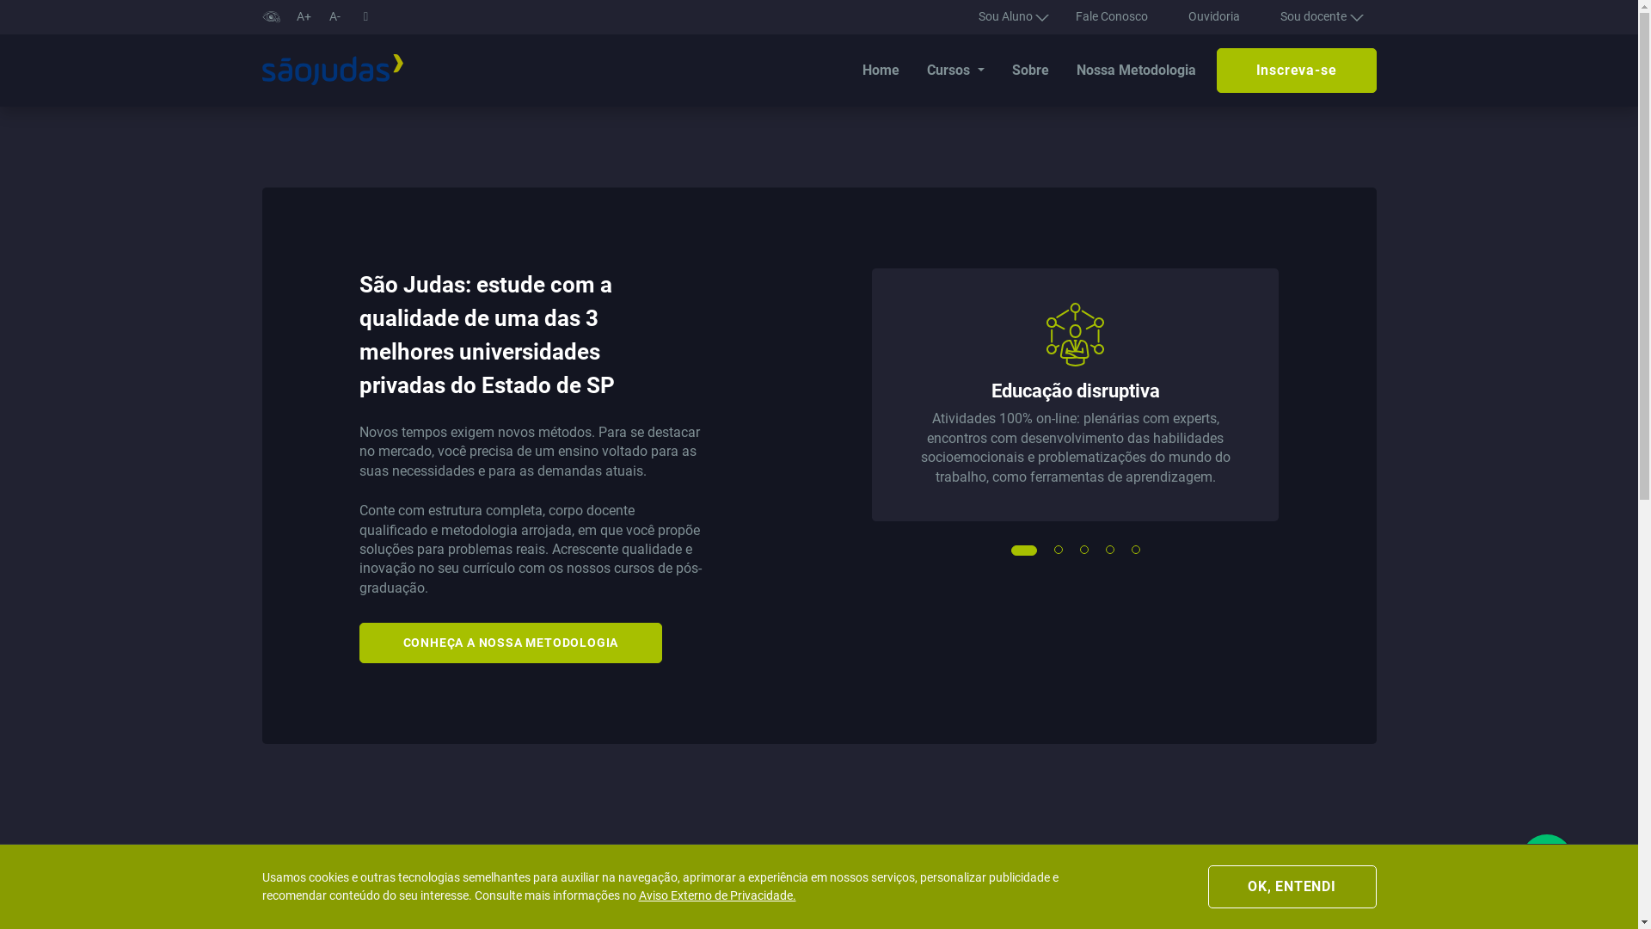 This screenshot has width=1651, height=929. I want to click on 'Aviso Externo de Privacidade.', so click(716, 895).